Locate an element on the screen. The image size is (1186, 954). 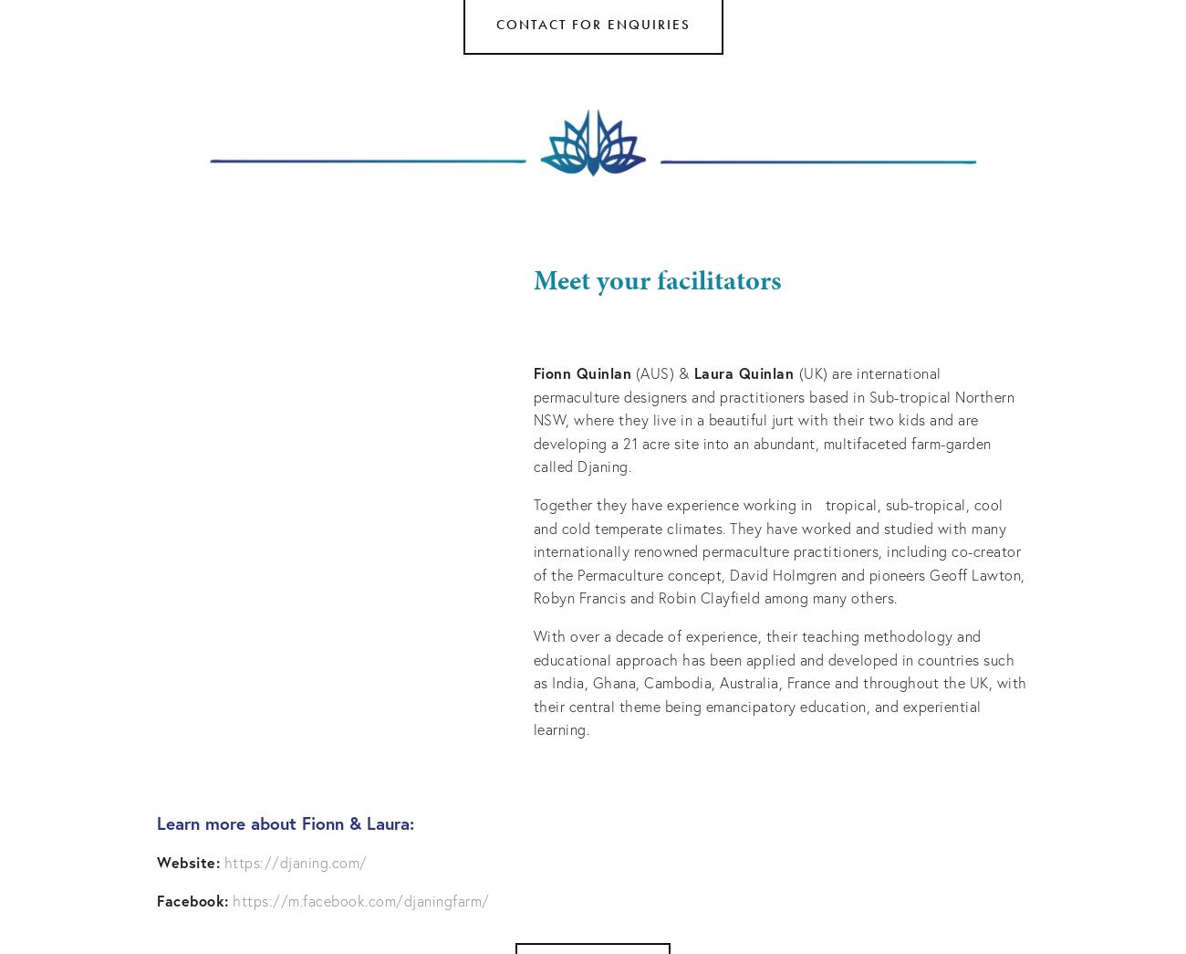
'https://djaning.com/' is located at coordinates (295, 861).